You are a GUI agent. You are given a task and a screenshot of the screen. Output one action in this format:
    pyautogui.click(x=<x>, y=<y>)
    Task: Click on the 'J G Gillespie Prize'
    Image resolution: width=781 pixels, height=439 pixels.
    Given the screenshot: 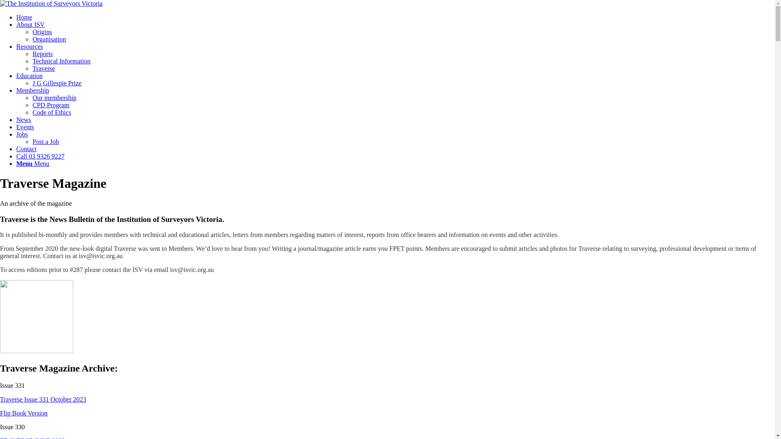 What is the action you would take?
    pyautogui.click(x=56, y=83)
    